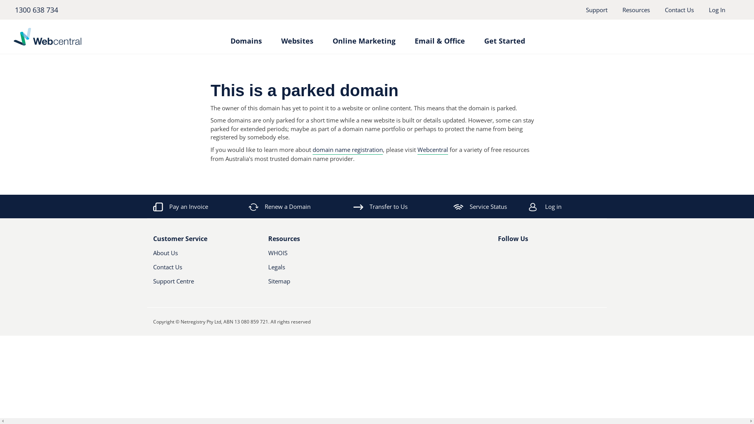 The image size is (754, 424). I want to click on 'RSS', so click(535, 256).